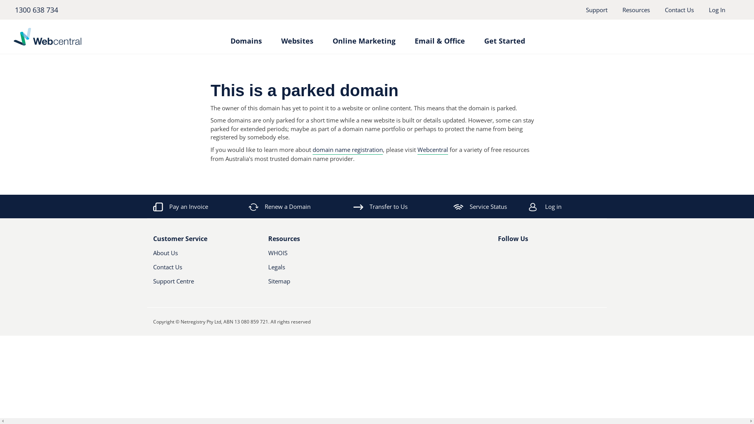 The image size is (754, 424). I want to click on 'RSS', so click(535, 256).